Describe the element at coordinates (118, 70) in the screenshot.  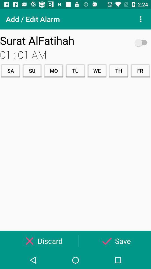
I see `the item below 01 : 01 am` at that location.